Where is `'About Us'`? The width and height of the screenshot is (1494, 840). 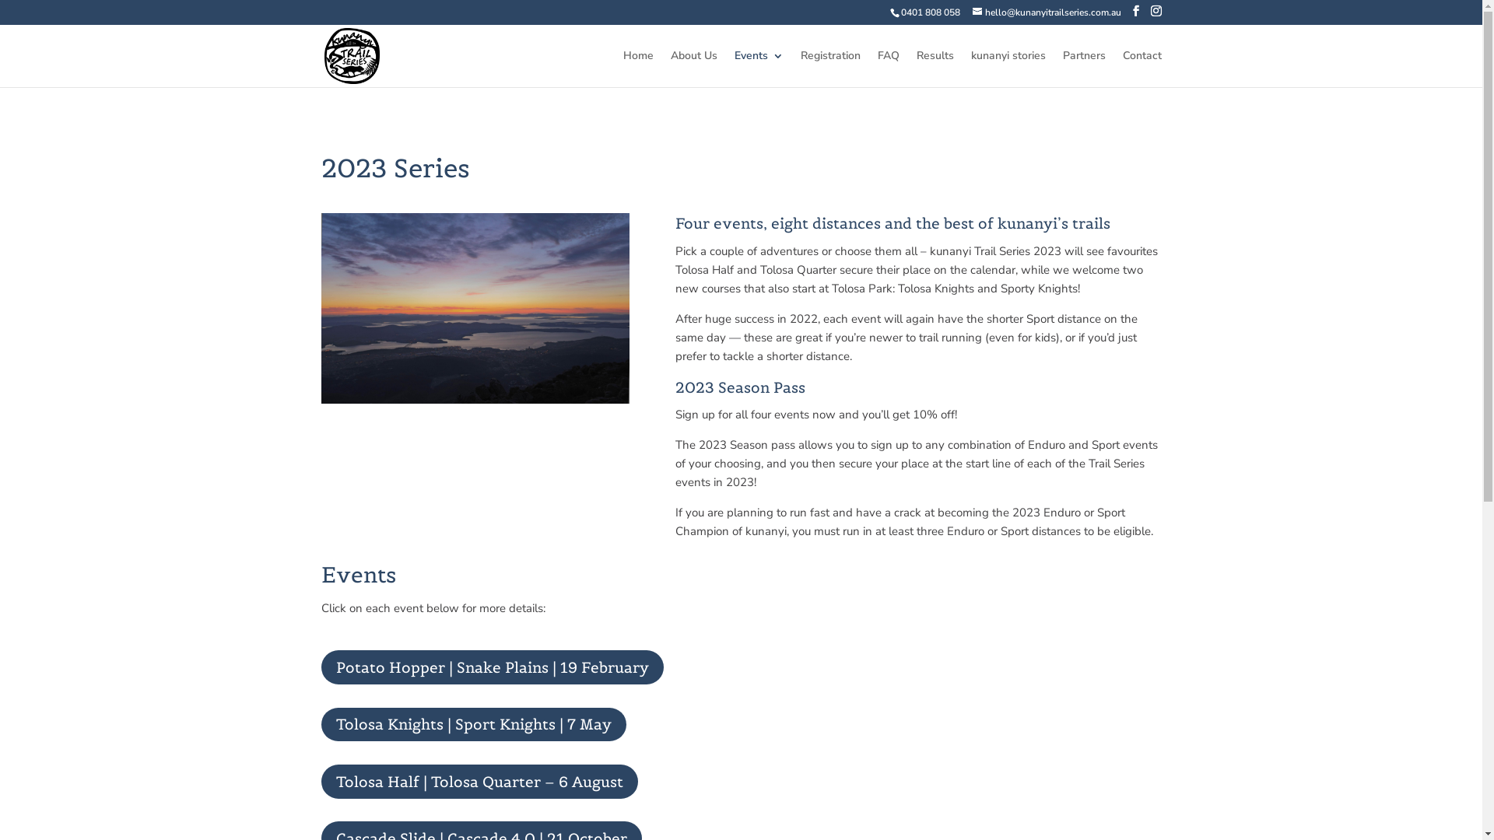
'About Us' is located at coordinates (693, 68).